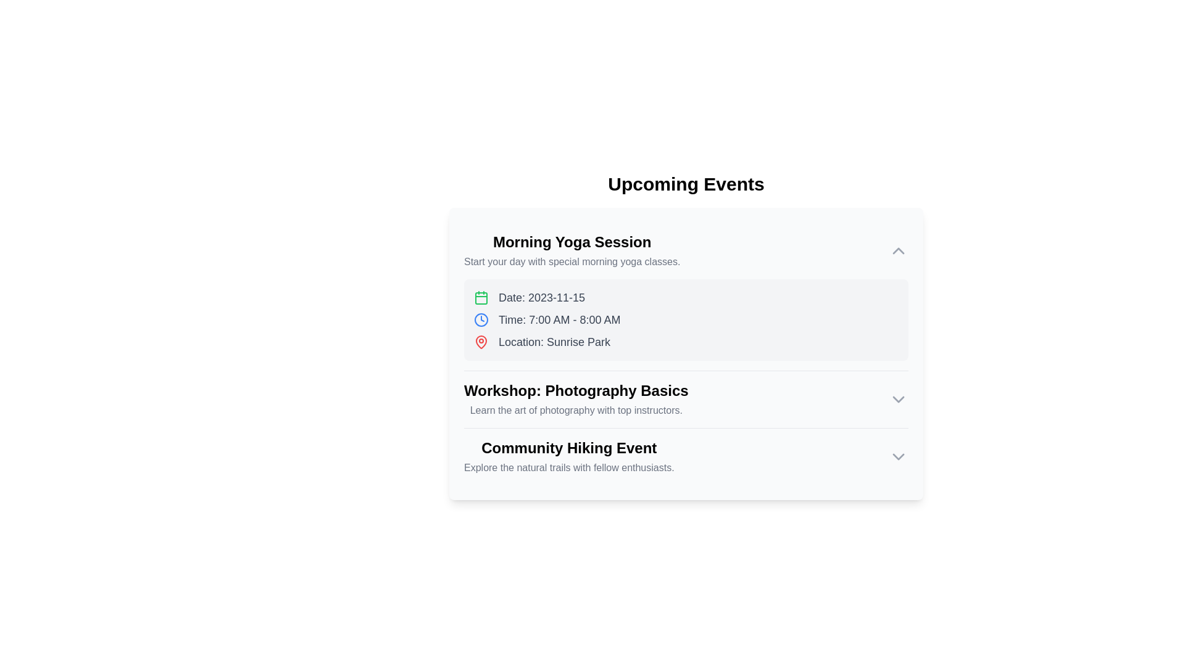 Image resolution: width=1185 pixels, height=666 pixels. I want to click on the bold, extra-large text element saying 'Workshop: Photography Basics' located in the second event card under the header 'Upcoming Events', so click(575, 390).